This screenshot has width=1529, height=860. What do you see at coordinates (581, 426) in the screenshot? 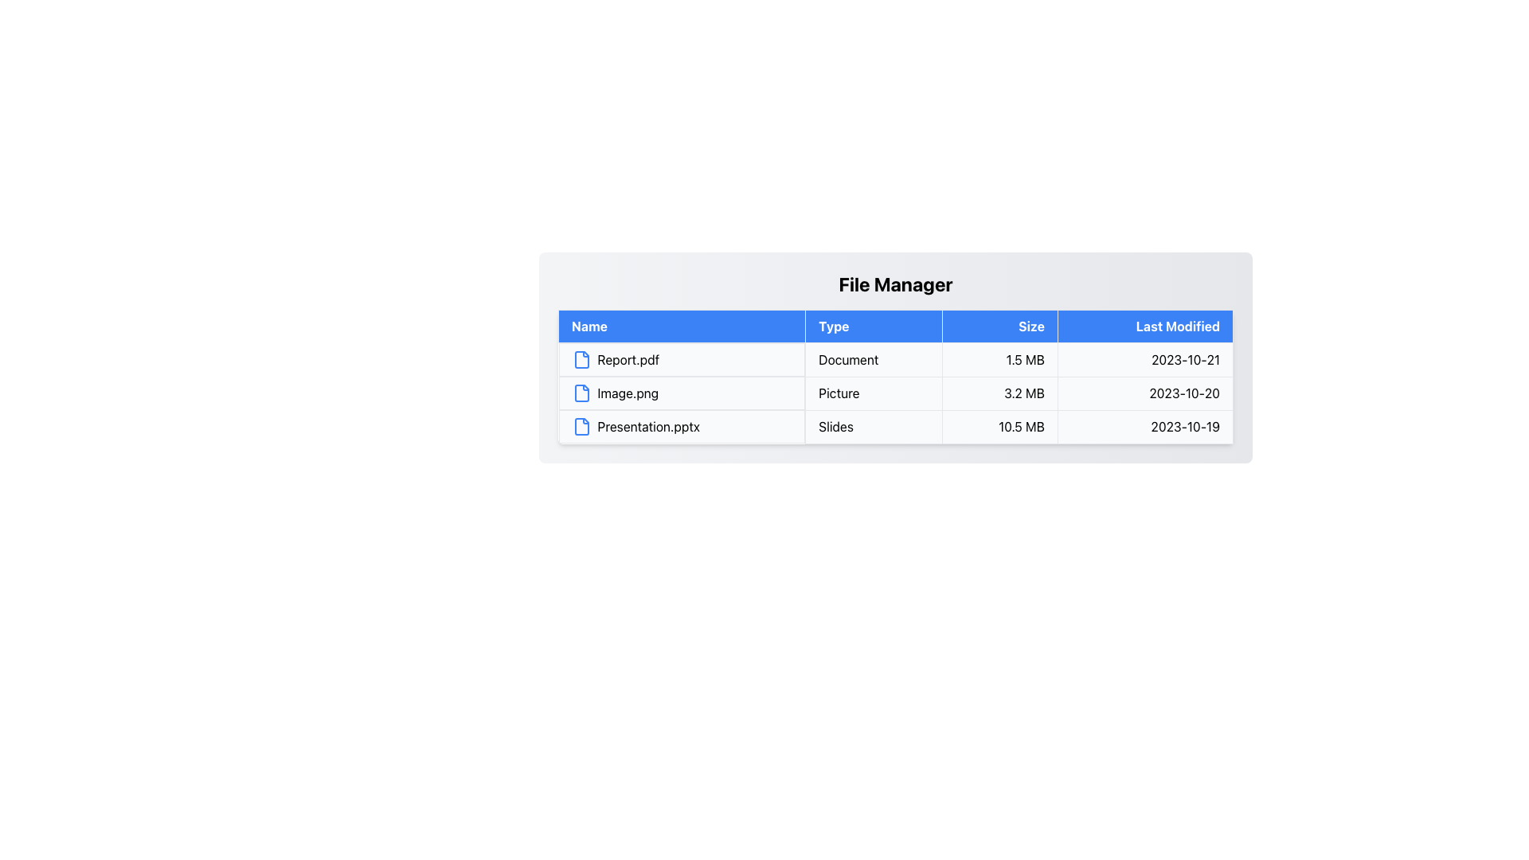
I see `the file type icon located` at bounding box center [581, 426].